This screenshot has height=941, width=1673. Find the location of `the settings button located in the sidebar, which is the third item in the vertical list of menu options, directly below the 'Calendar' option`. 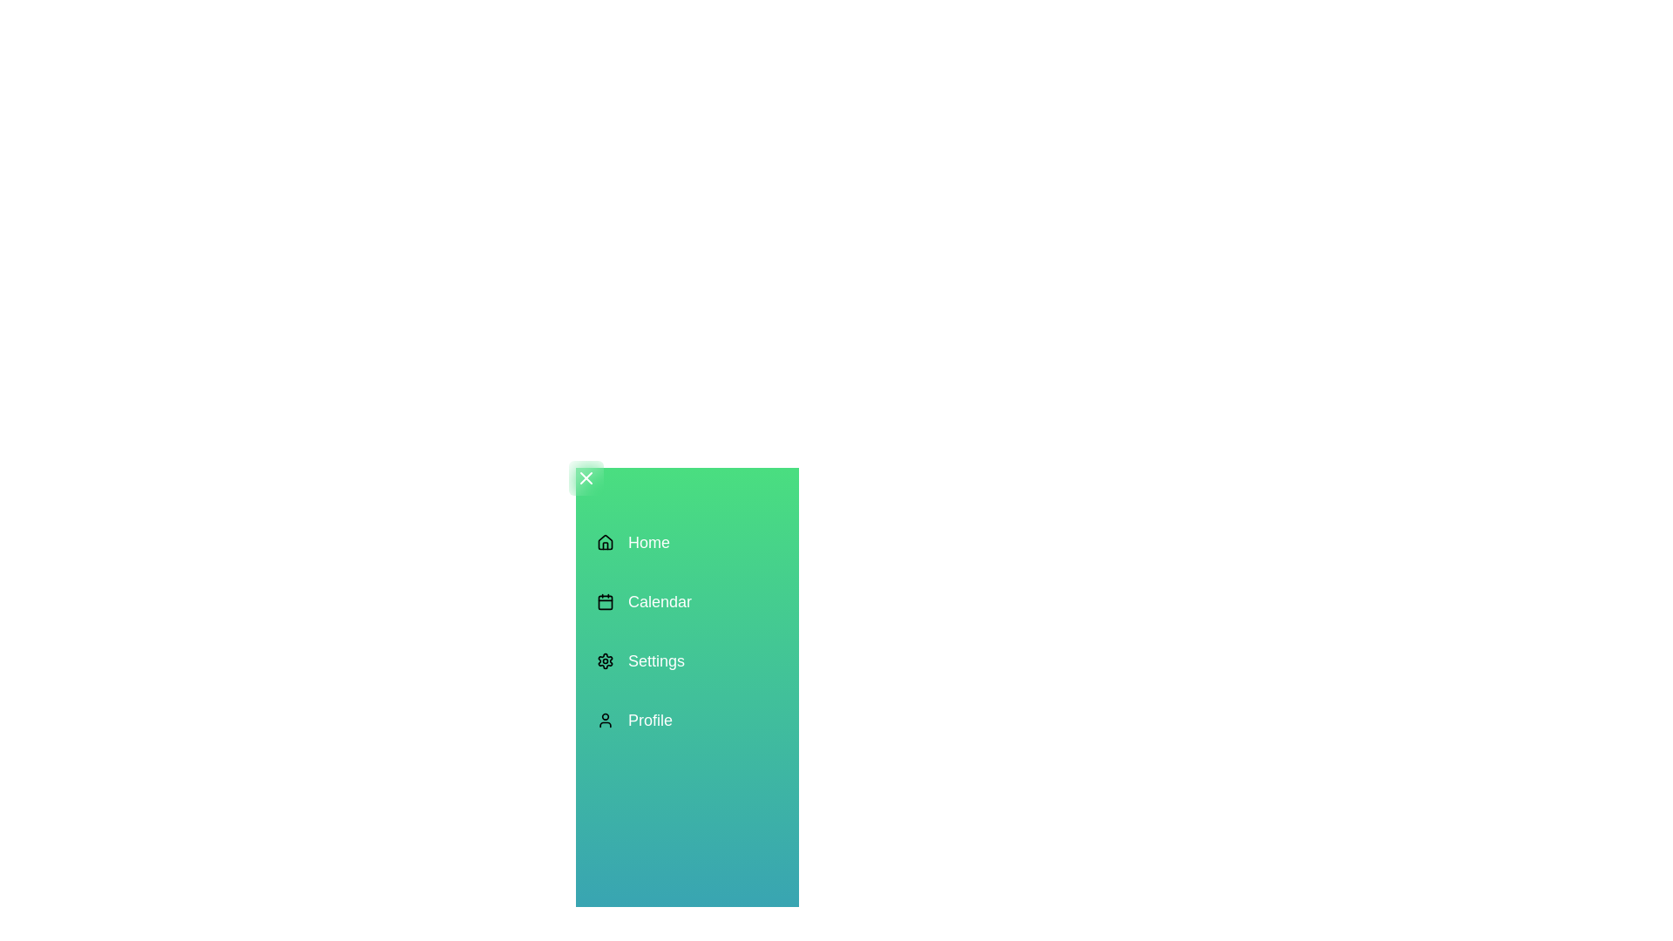

the settings button located in the sidebar, which is the third item in the vertical list of menu options, directly below the 'Calendar' option is located at coordinates (643, 661).